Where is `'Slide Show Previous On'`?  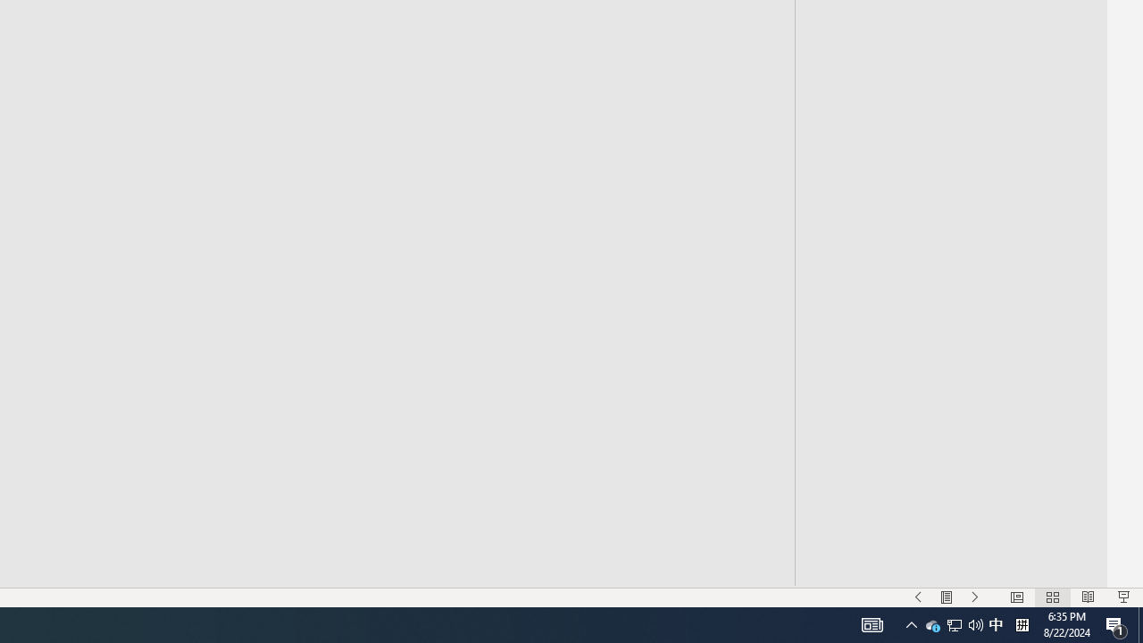
'Slide Show Previous On' is located at coordinates (918, 597).